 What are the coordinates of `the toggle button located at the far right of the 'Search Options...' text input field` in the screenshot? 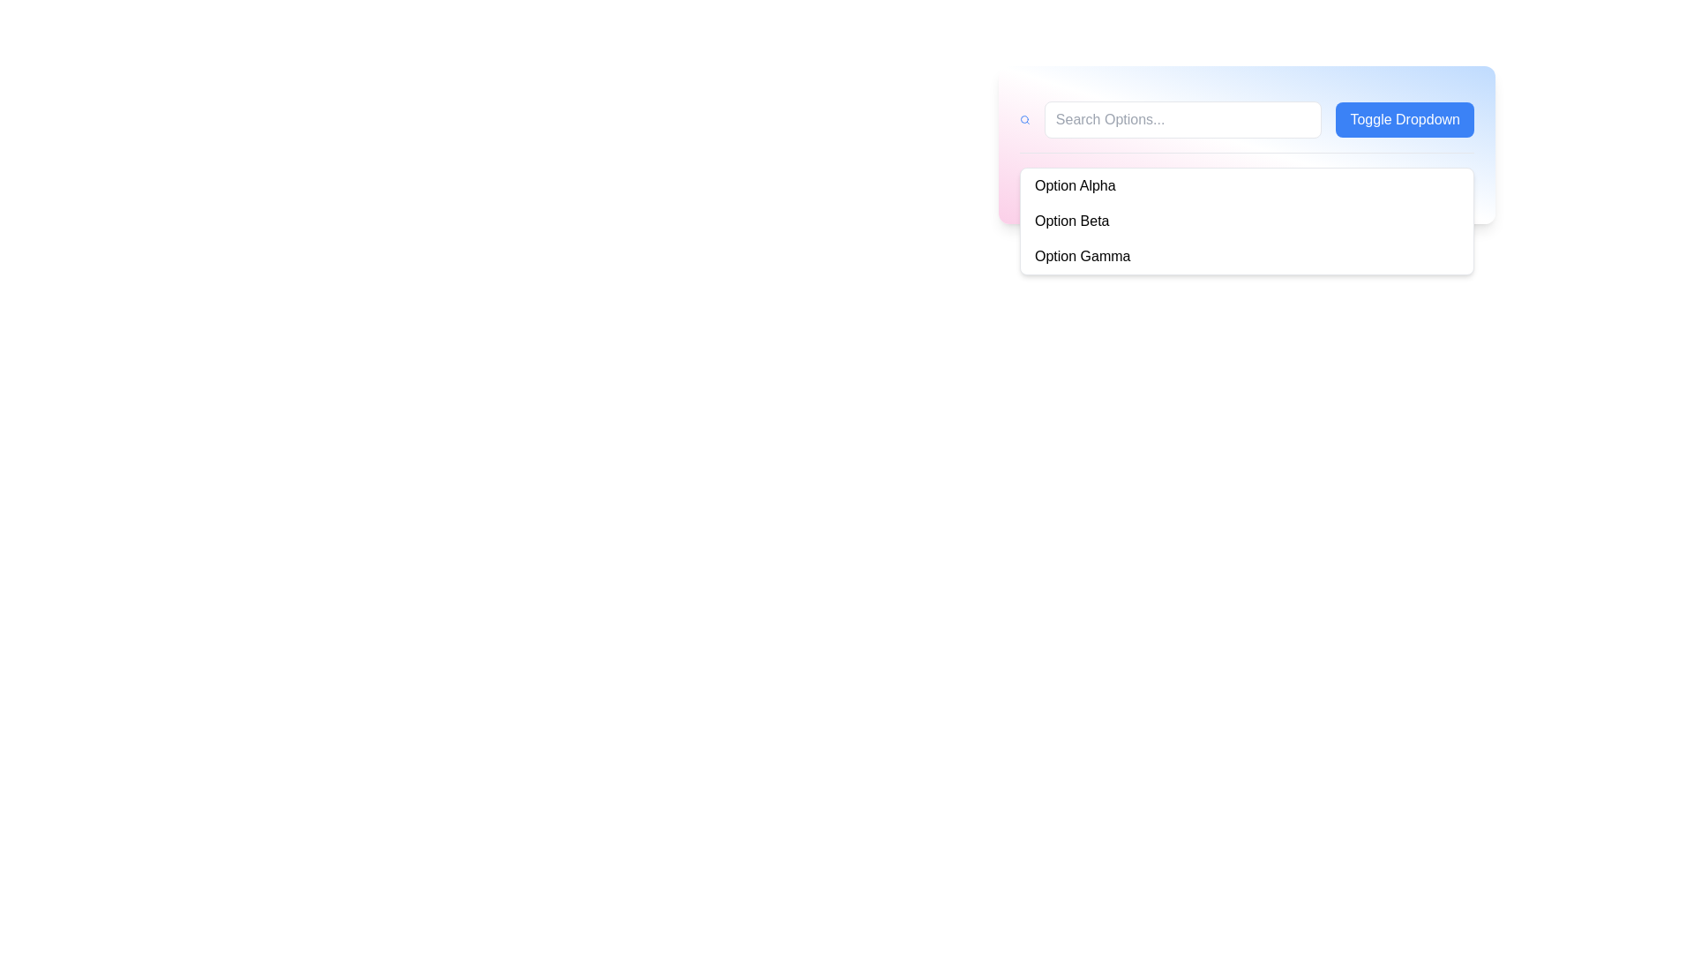 It's located at (1404, 119).